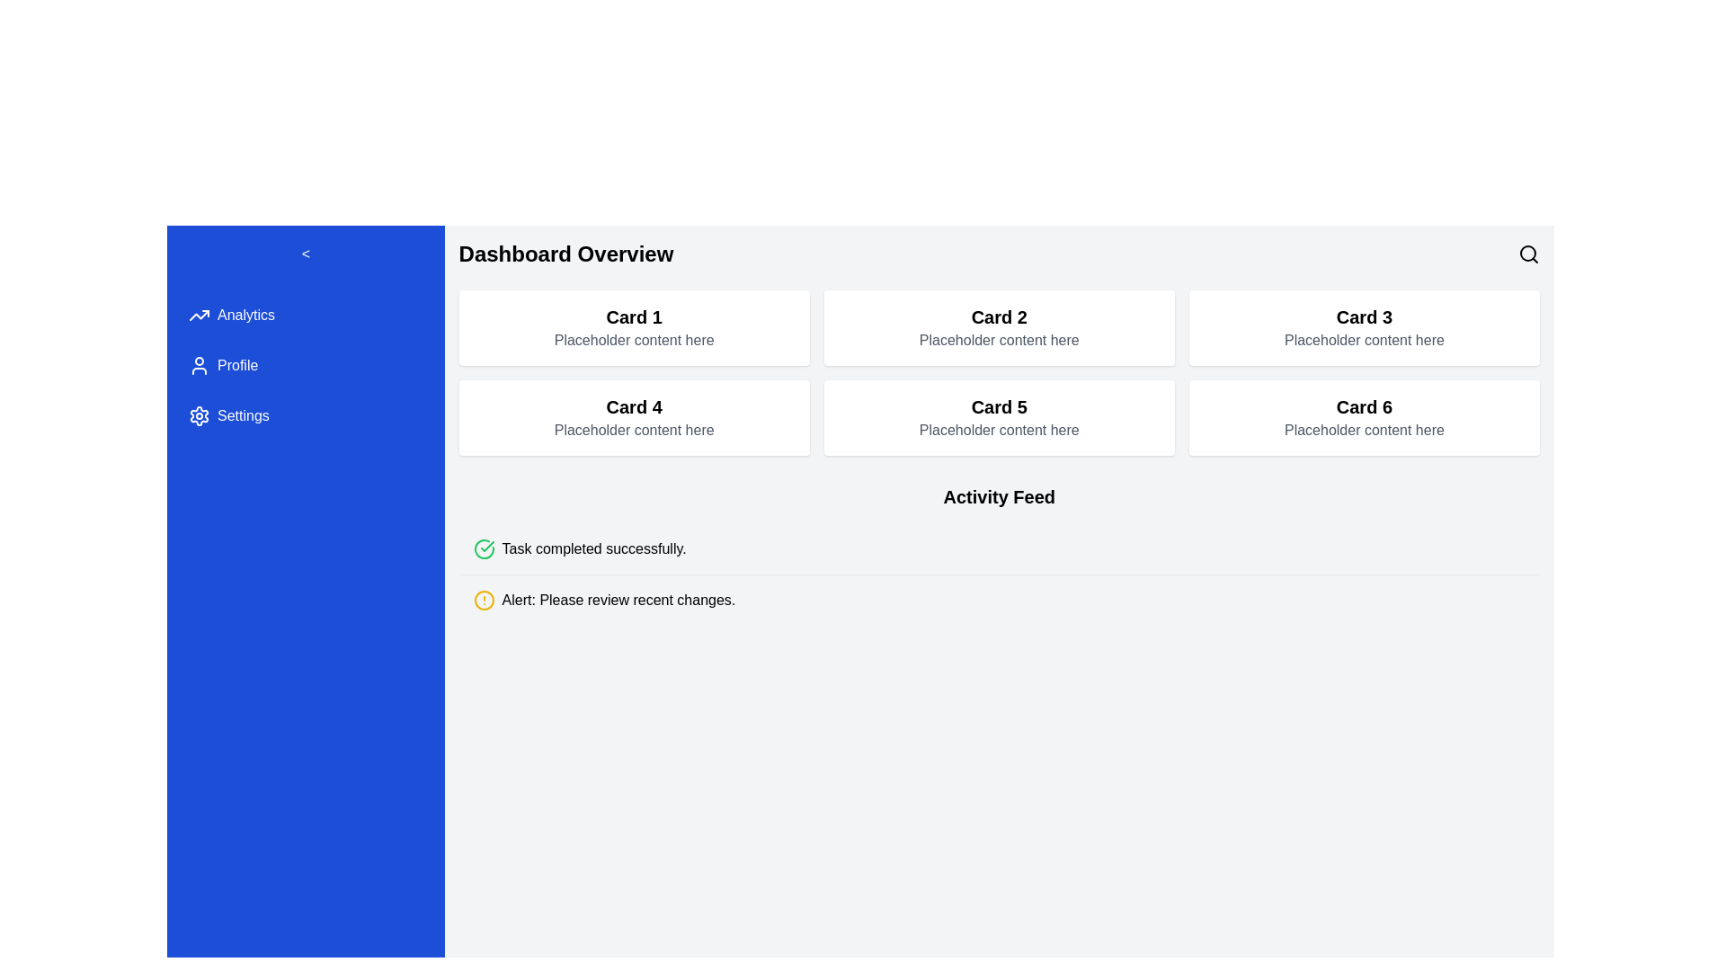  What do you see at coordinates (998, 406) in the screenshot?
I see `the static text label that serves as the title for the fifth card in the grid layout, positioned above the description text 'Placeholder content here'` at bounding box center [998, 406].